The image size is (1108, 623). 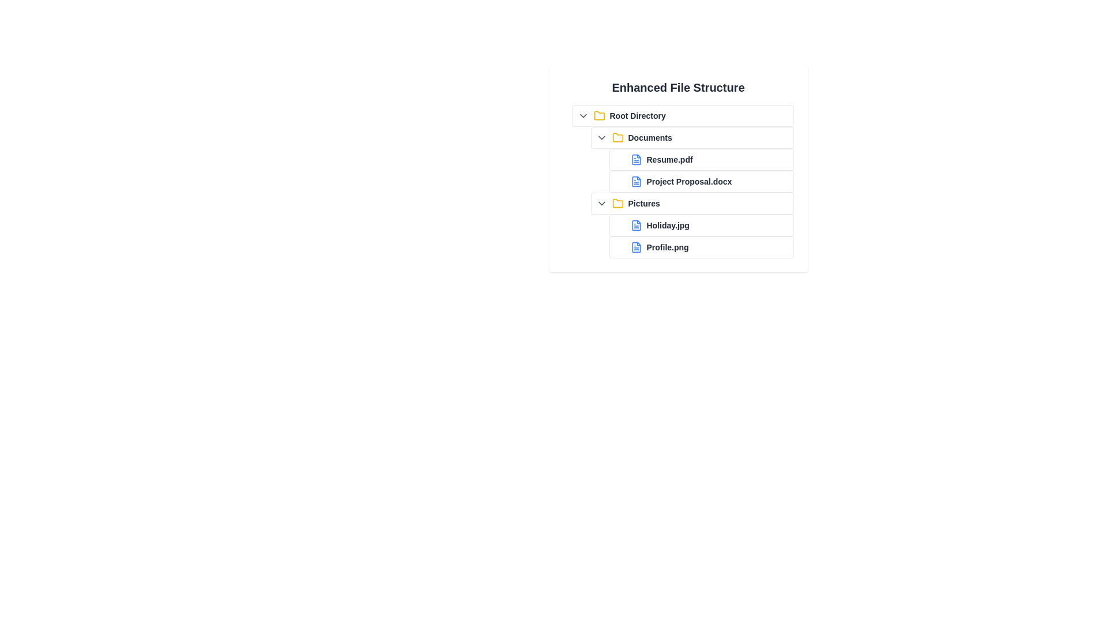 What do you see at coordinates (678, 182) in the screenshot?
I see `the 'Project Proposal.docx' file entry, which is represented by a yellow folder icon in a hierarchical list under the 'Documents' section` at bounding box center [678, 182].